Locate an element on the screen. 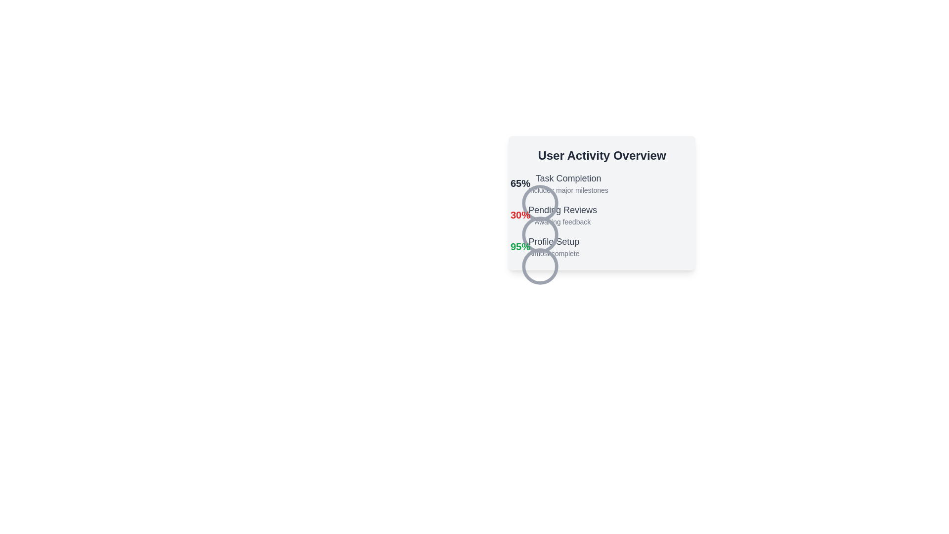  the circular SVG element with a gray stroke located in the 'User Activity Overview' panel, beneath the 'Profile Setup' section is located at coordinates (540, 265).